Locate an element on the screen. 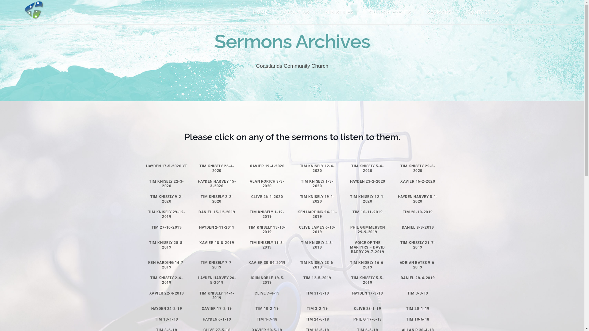 This screenshot has width=589, height=331. 'DANIEL 8-9-2019' is located at coordinates (402, 227).